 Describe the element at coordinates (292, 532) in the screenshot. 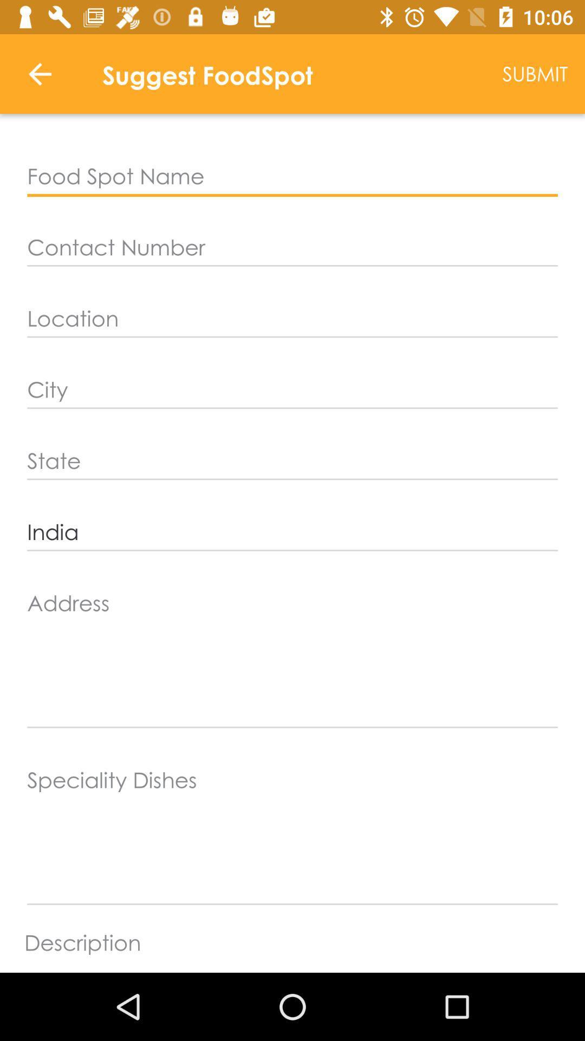

I see `india item` at that location.